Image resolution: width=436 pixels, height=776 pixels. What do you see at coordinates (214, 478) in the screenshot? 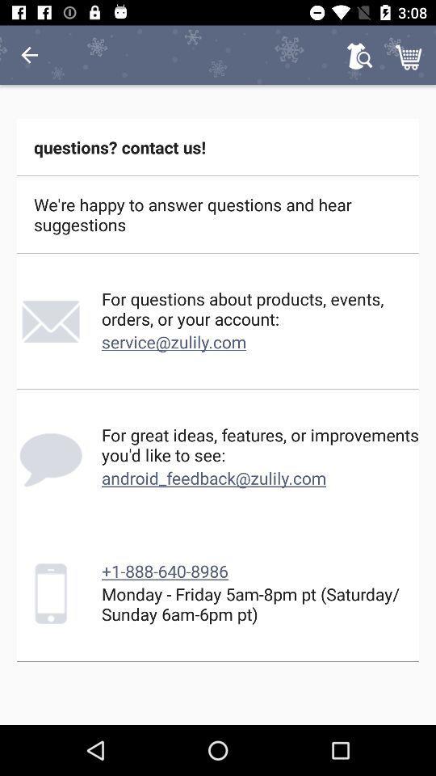
I see `icon above 1 888 640` at bounding box center [214, 478].